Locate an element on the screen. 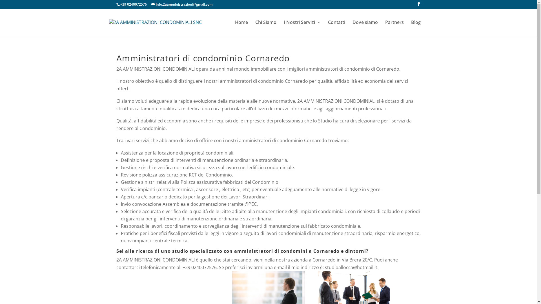 Image resolution: width=541 pixels, height=304 pixels. 'info.2aamministrazioni@gmail.com' is located at coordinates (181, 4).